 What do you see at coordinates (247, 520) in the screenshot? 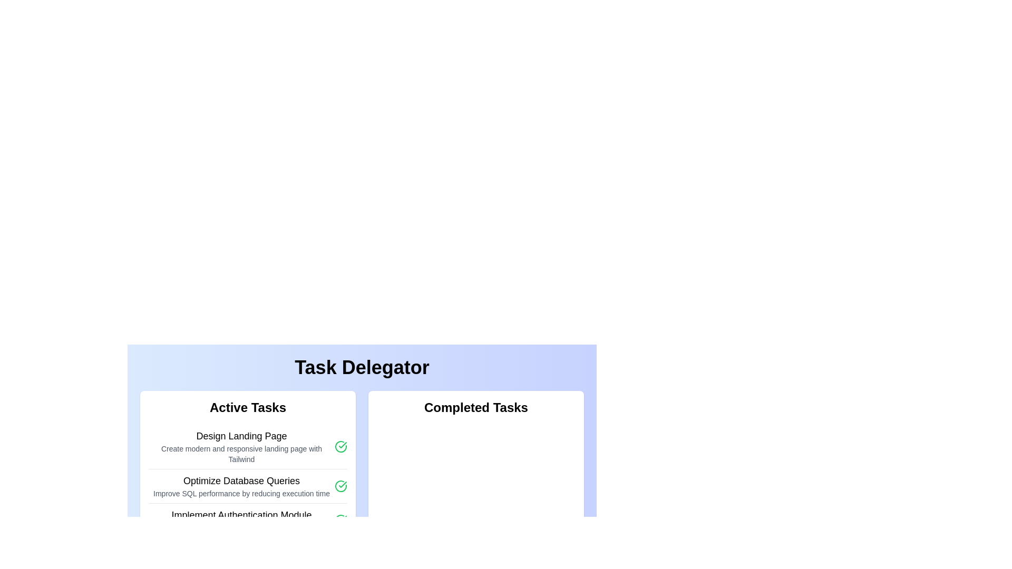
I see `the list item titled 'Implement Authentication Module'` at bounding box center [247, 520].